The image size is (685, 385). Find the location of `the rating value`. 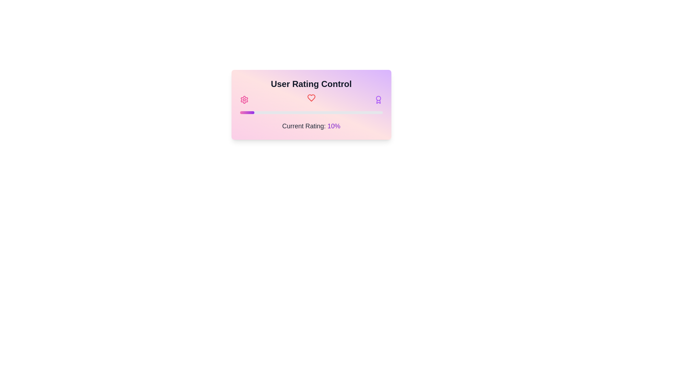

the rating value is located at coordinates (368, 100).